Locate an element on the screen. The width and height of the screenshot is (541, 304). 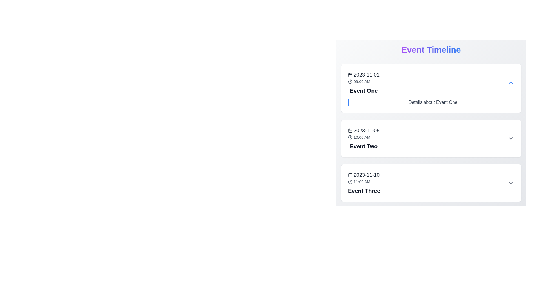
the event entry is located at coordinates (364, 183).